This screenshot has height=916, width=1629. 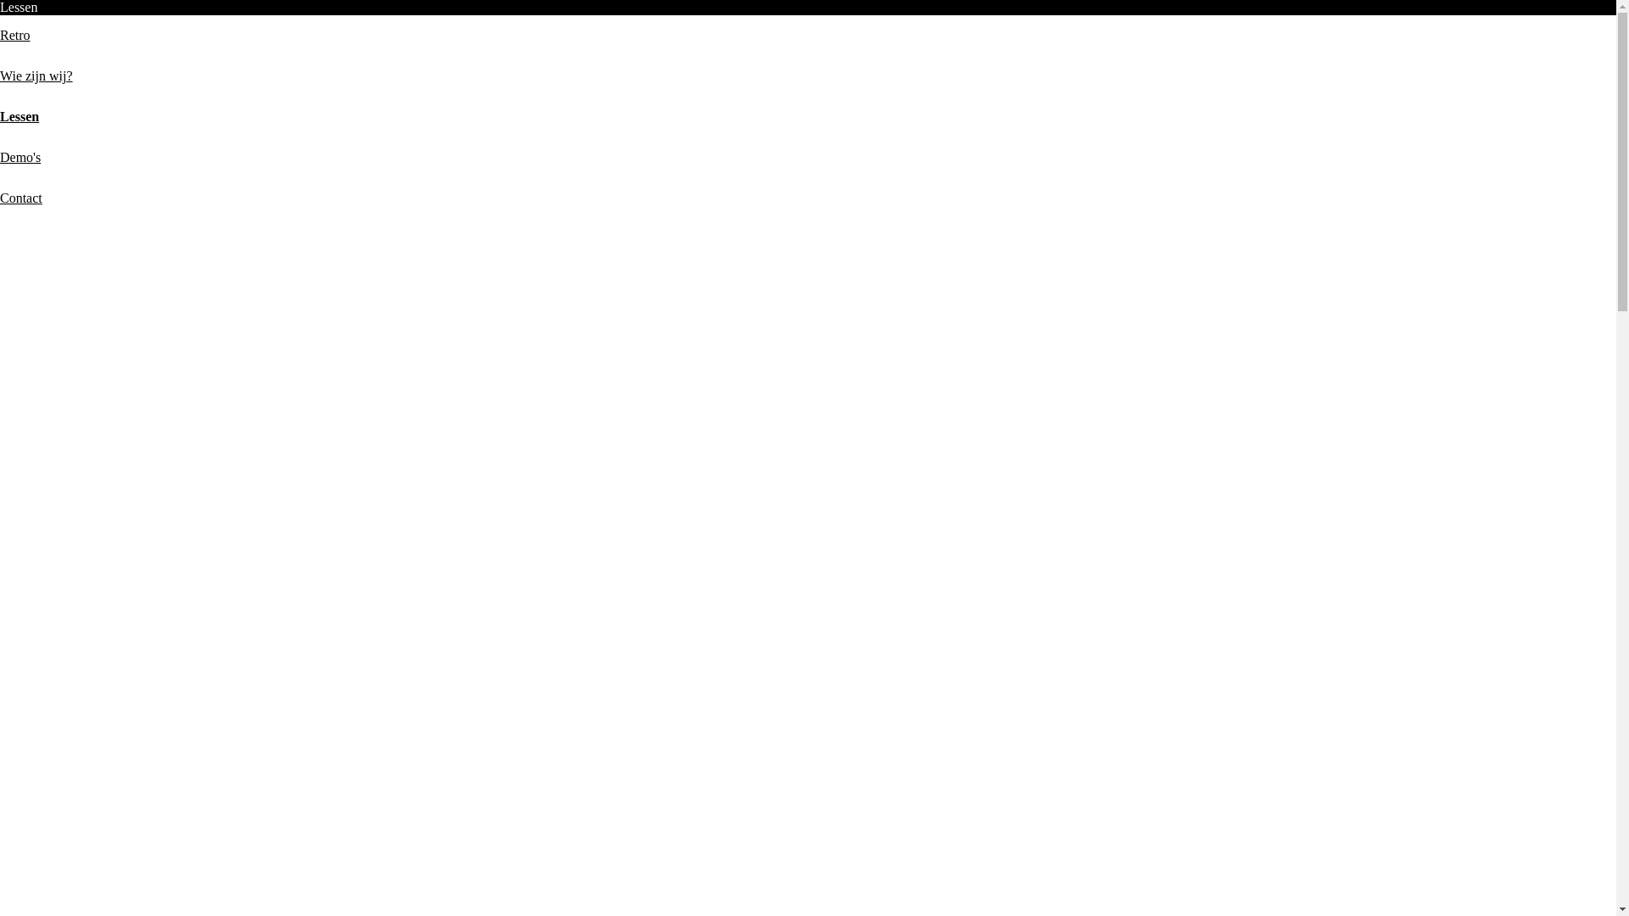 I want to click on 'Retro', so click(x=15, y=35).